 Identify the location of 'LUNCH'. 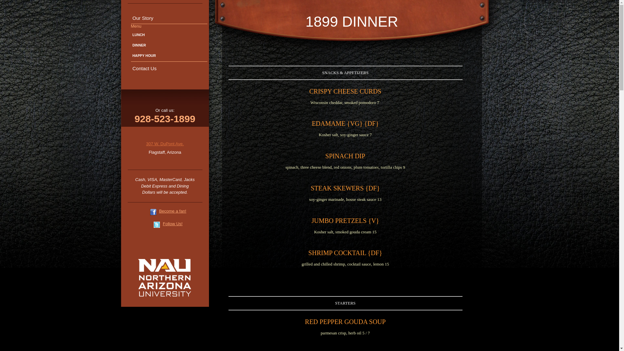
(169, 35).